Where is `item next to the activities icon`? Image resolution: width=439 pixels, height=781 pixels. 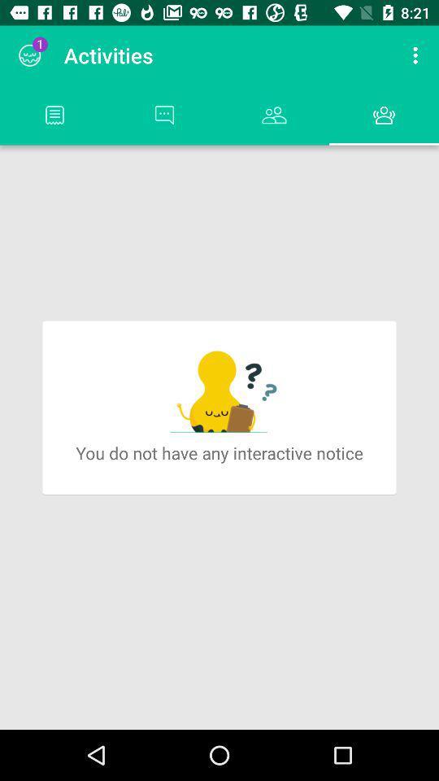 item next to the activities icon is located at coordinates (417, 55).